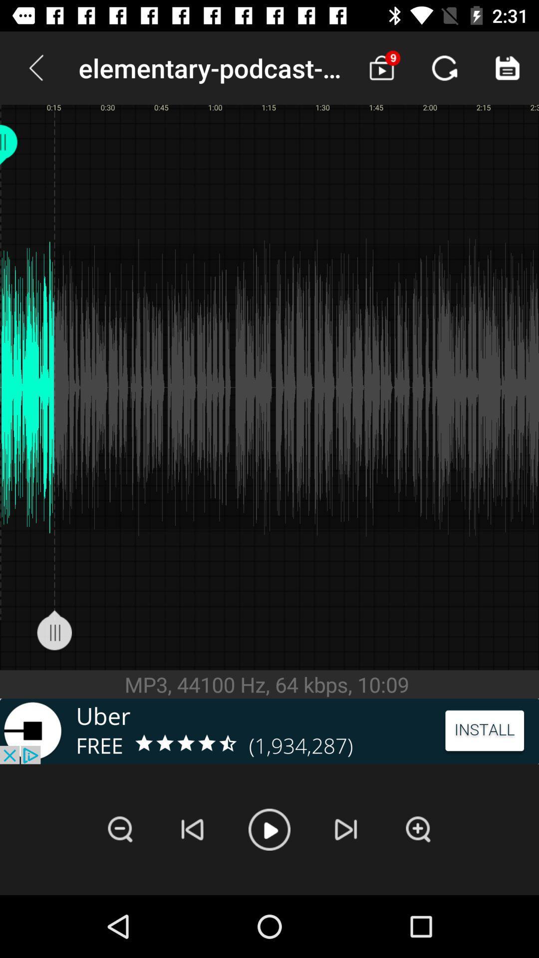  What do you see at coordinates (269, 829) in the screenshot?
I see `the play icon` at bounding box center [269, 829].